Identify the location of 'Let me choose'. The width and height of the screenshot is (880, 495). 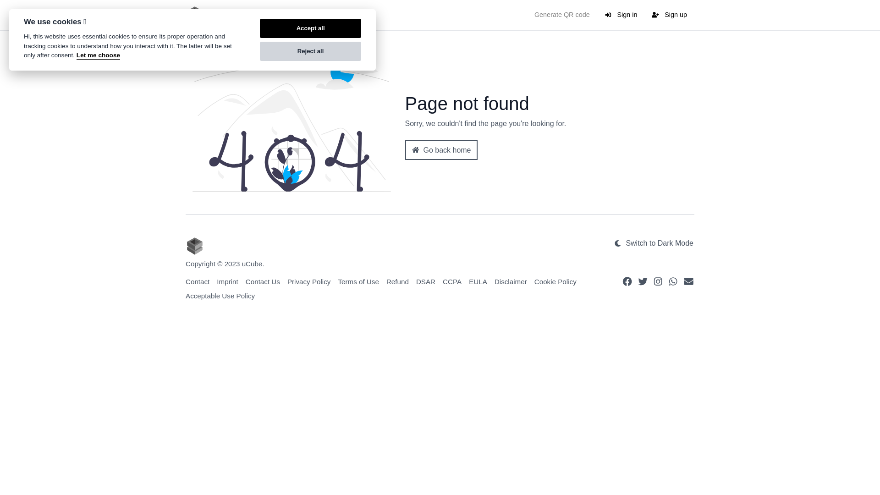
(98, 55).